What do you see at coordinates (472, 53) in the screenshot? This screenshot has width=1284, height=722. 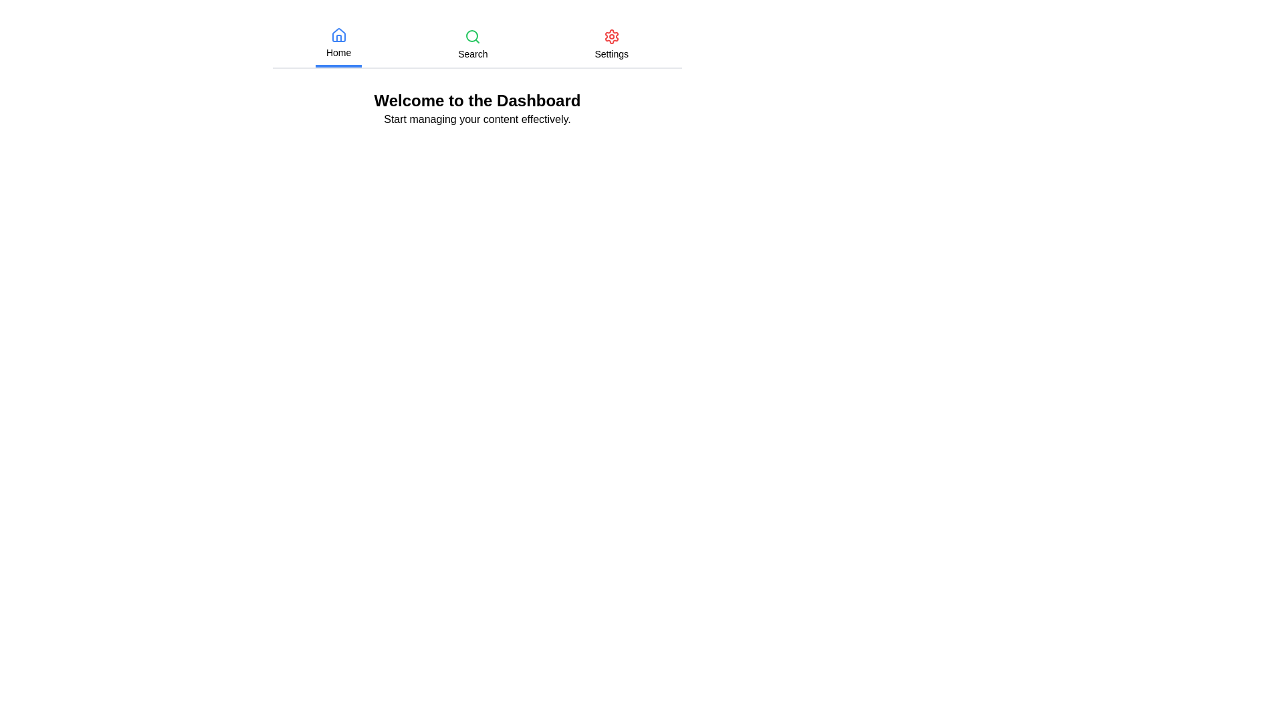 I see `the displayed text under the tab Search` at bounding box center [472, 53].